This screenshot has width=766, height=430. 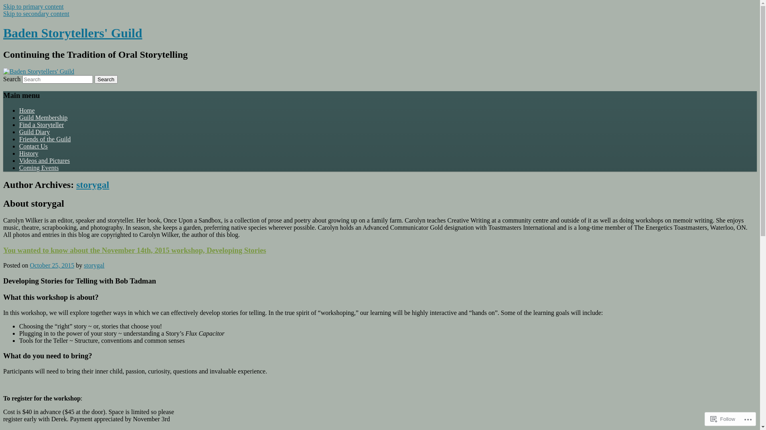 What do you see at coordinates (84, 265) in the screenshot?
I see `'storygal'` at bounding box center [84, 265].